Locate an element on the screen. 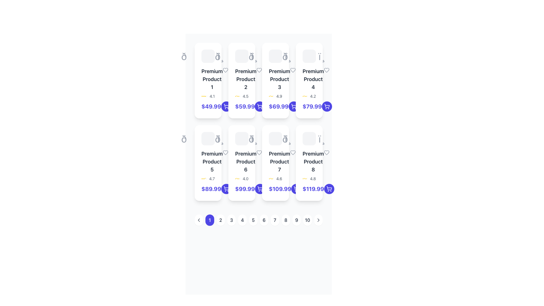  the static text label is located at coordinates (279, 161).